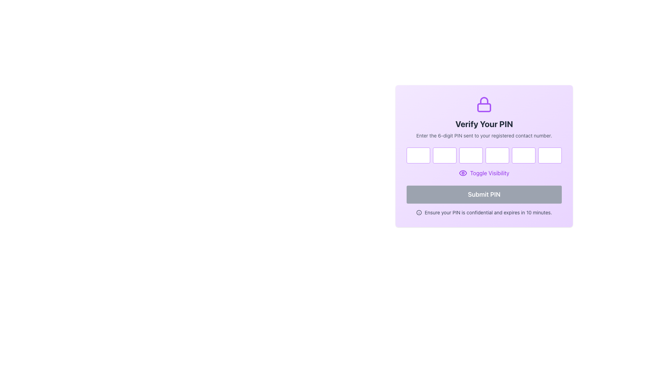 Image resolution: width=665 pixels, height=374 pixels. I want to click on the outer elliptical stroke of the eye icon, which is part of the 'Toggle Visibility' functionality, located to the right of the PIN entry boxes and above the 'Submit PIN' button, so click(463, 173).